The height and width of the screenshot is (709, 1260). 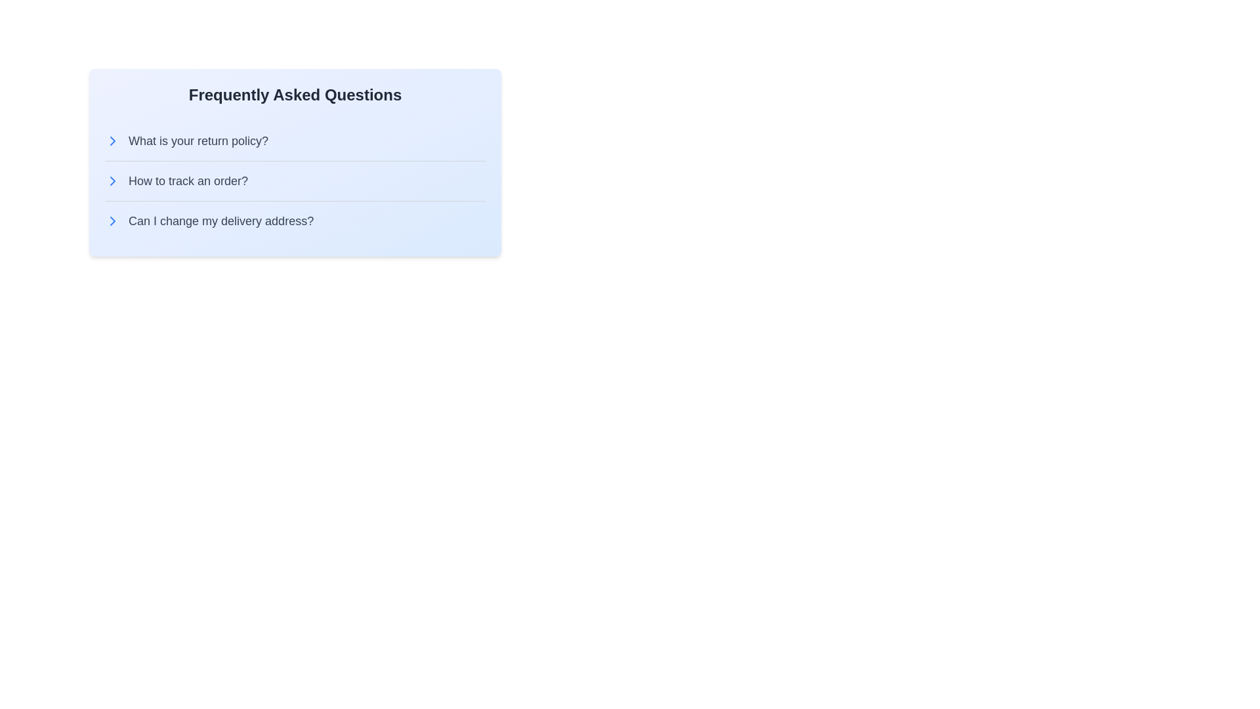 I want to click on the Chevron icon located at the left margin of the question 'What is your return policy?', so click(x=113, y=141).